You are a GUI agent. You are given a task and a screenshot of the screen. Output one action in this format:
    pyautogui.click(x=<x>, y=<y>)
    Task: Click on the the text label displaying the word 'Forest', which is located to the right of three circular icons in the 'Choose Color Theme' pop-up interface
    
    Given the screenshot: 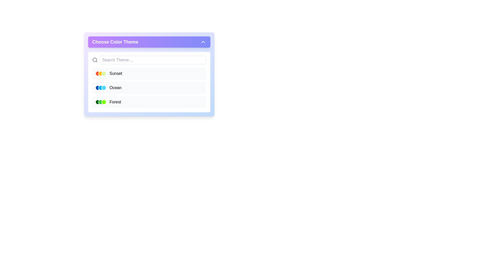 What is the action you would take?
    pyautogui.click(x=115, y=102)
    